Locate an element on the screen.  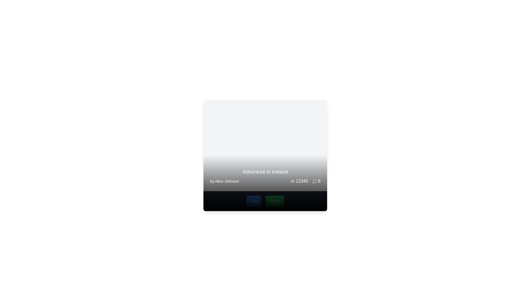
information displayed in the Banner/Information Panel titled 'Adventure in Iceland' by Alice Johnson, located at the bottom section of the card above the 'Like' and 'Share' buttons is located at coordinates (265, 176).